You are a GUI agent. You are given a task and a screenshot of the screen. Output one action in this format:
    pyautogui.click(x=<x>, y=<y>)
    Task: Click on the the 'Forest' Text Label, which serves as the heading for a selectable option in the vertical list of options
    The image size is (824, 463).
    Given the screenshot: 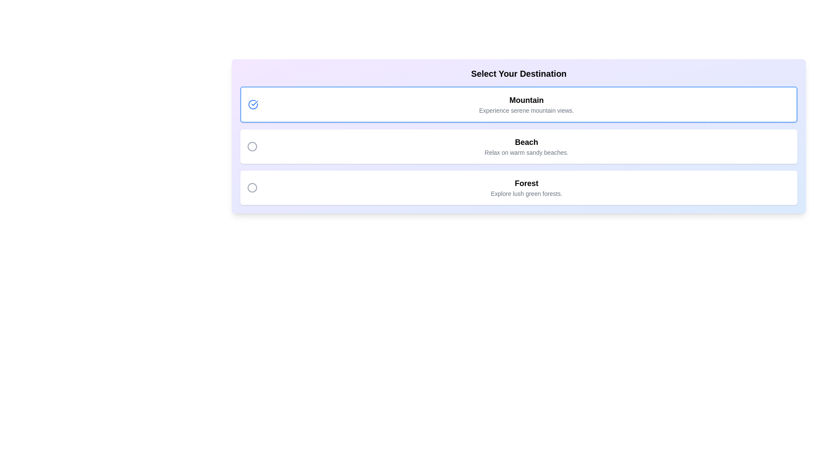 What is the action you would take?
    pyautogui.click(x=526, y=183)
    